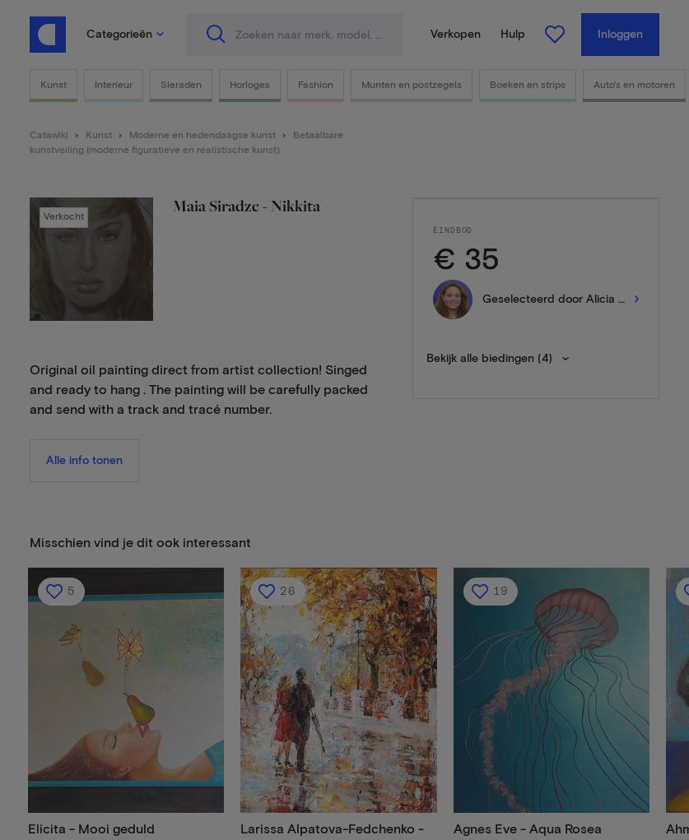 The height and width of the screenshot is (840, 689). Describe the element at coordinates (179, 84) in the screenshot. I see `'Sieraden'` at that location.